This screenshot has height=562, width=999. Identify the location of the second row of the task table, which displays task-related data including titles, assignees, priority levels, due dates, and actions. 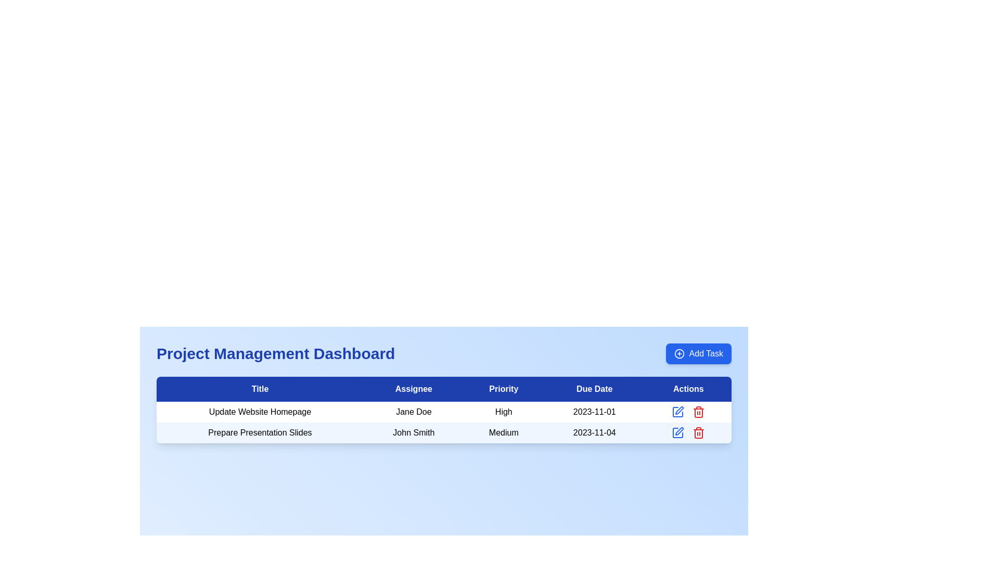
(444, 423).